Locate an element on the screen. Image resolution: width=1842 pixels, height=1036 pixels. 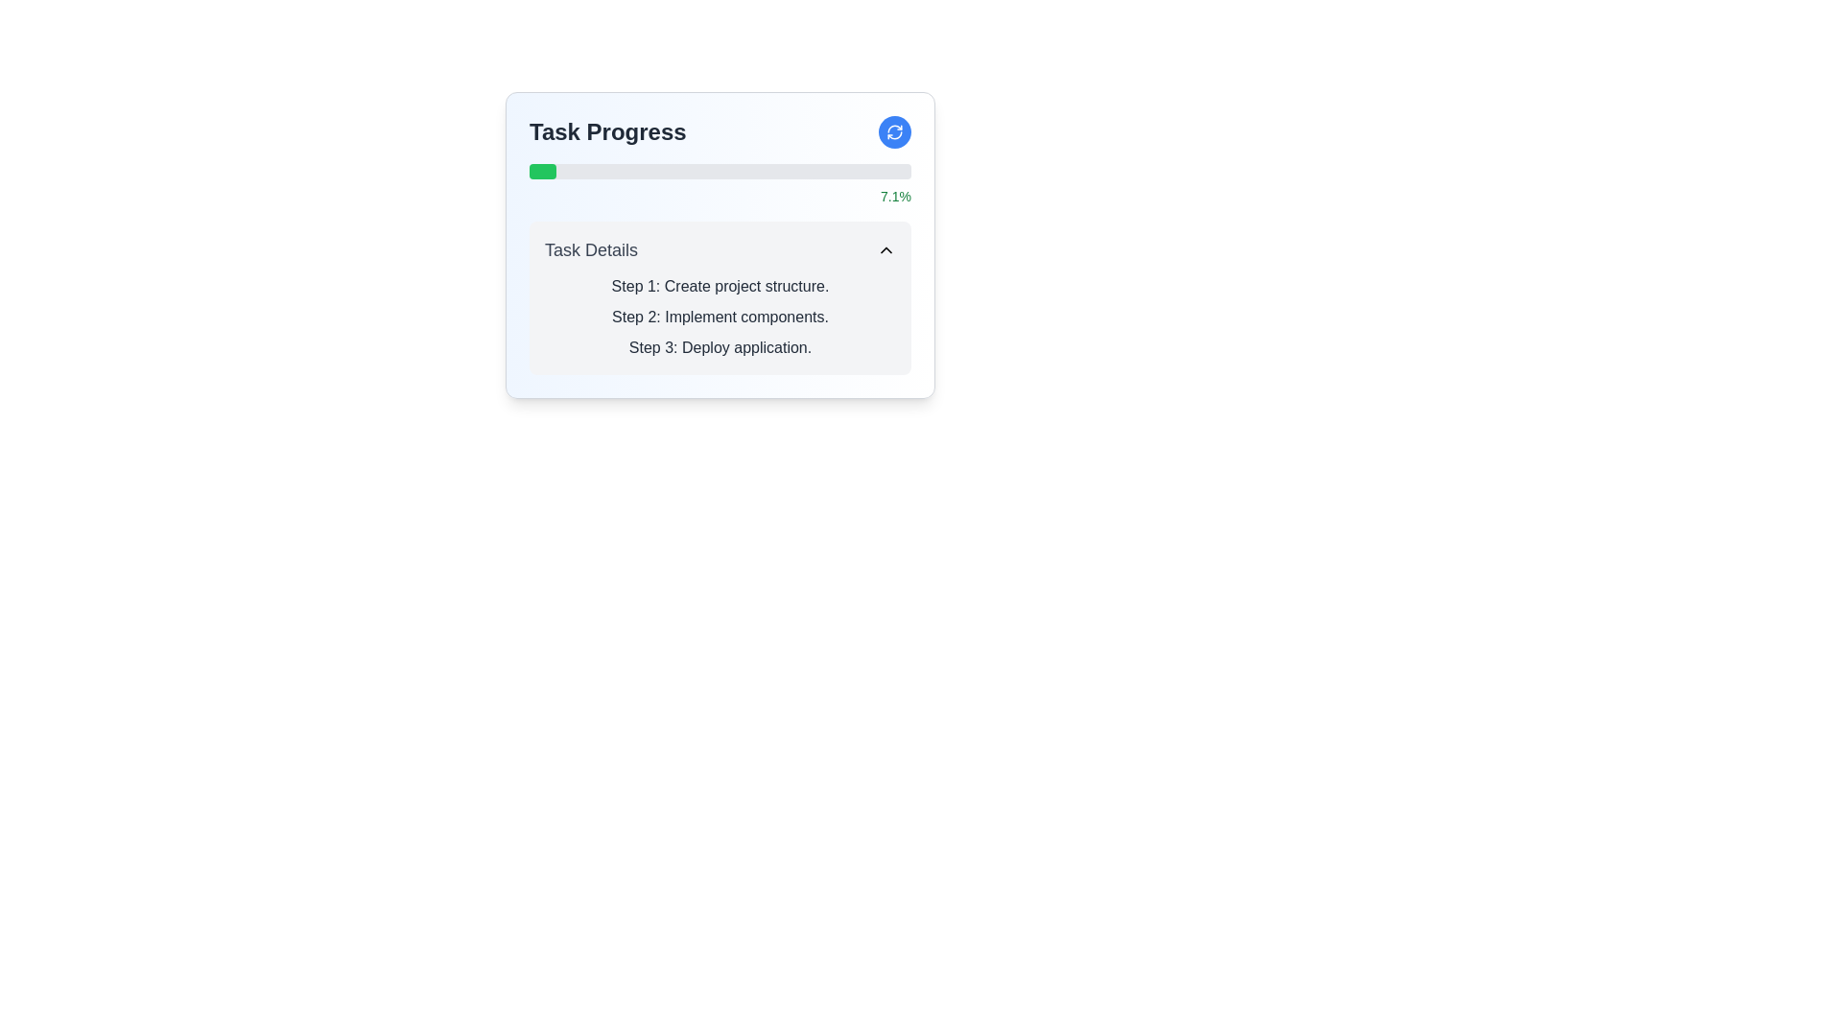
the central Panel that displays the progress of a task and includes a progress bar and collapsible details is located at coordinates (719, 244).